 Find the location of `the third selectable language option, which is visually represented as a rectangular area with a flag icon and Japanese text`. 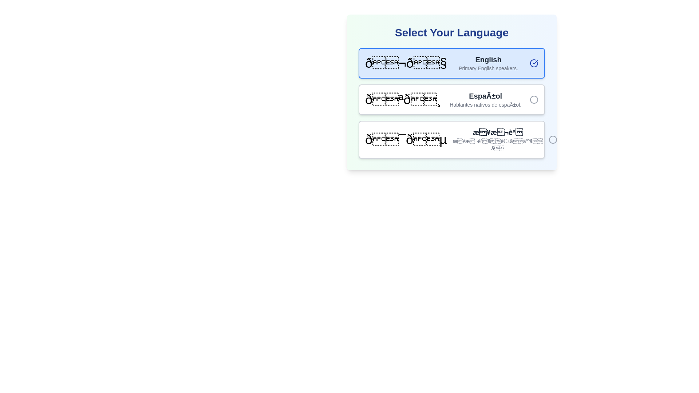

the third selectable language option, which is visually represented as a rectangular area with a flag icon and Japanese text is located at coordinates (451, 140).